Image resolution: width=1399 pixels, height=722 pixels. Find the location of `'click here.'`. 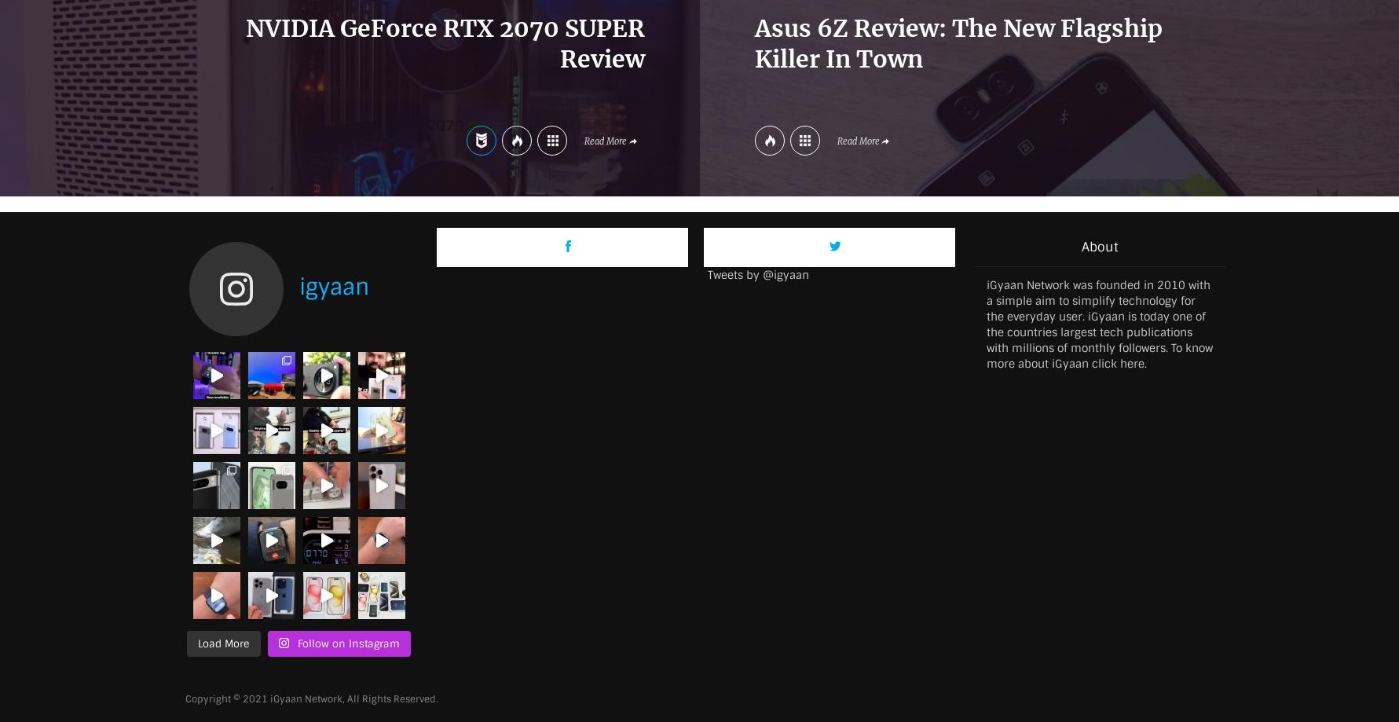

'click here.' is located at coordinates (1119, 361).